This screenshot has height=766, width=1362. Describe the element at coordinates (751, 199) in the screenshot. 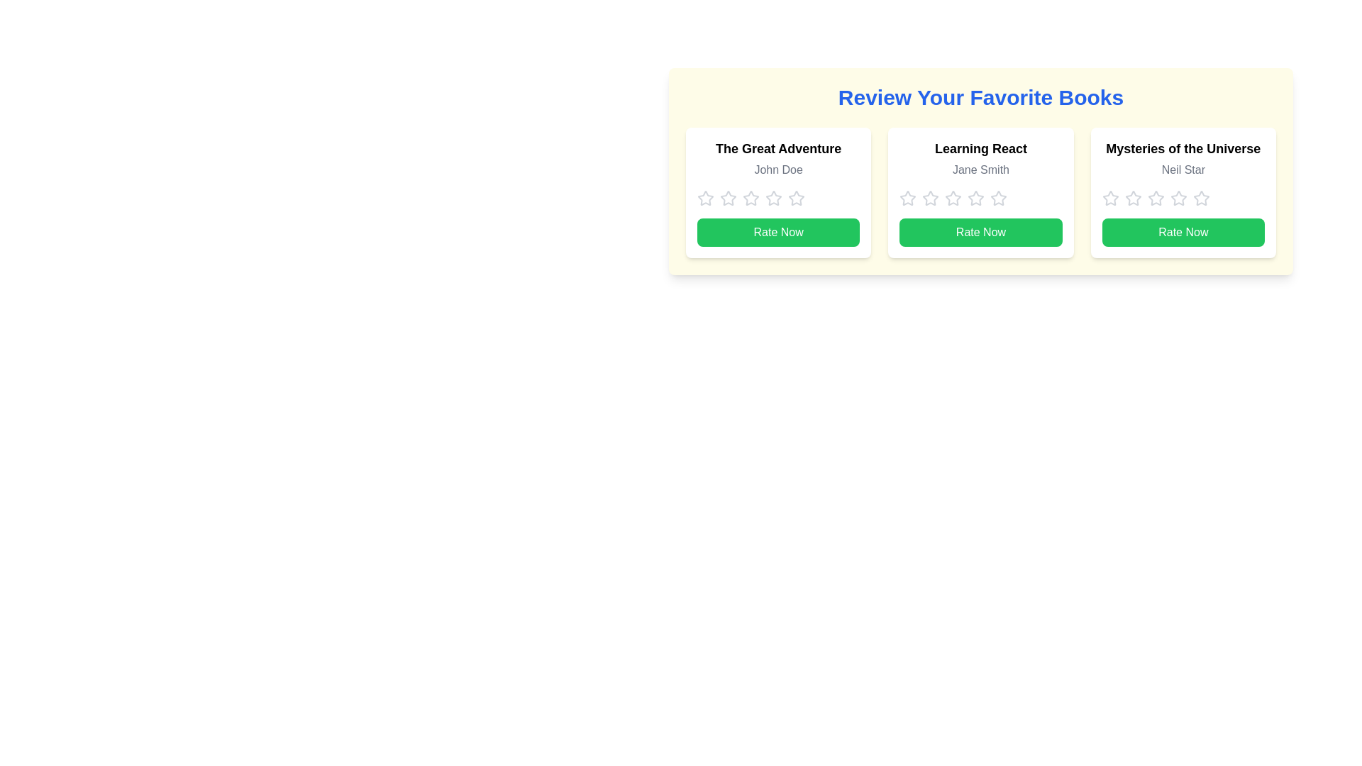

I see `the fourth star icon in the rating system for 'The Great Adventure' by John Doe to rate it 4 stars` at that location.